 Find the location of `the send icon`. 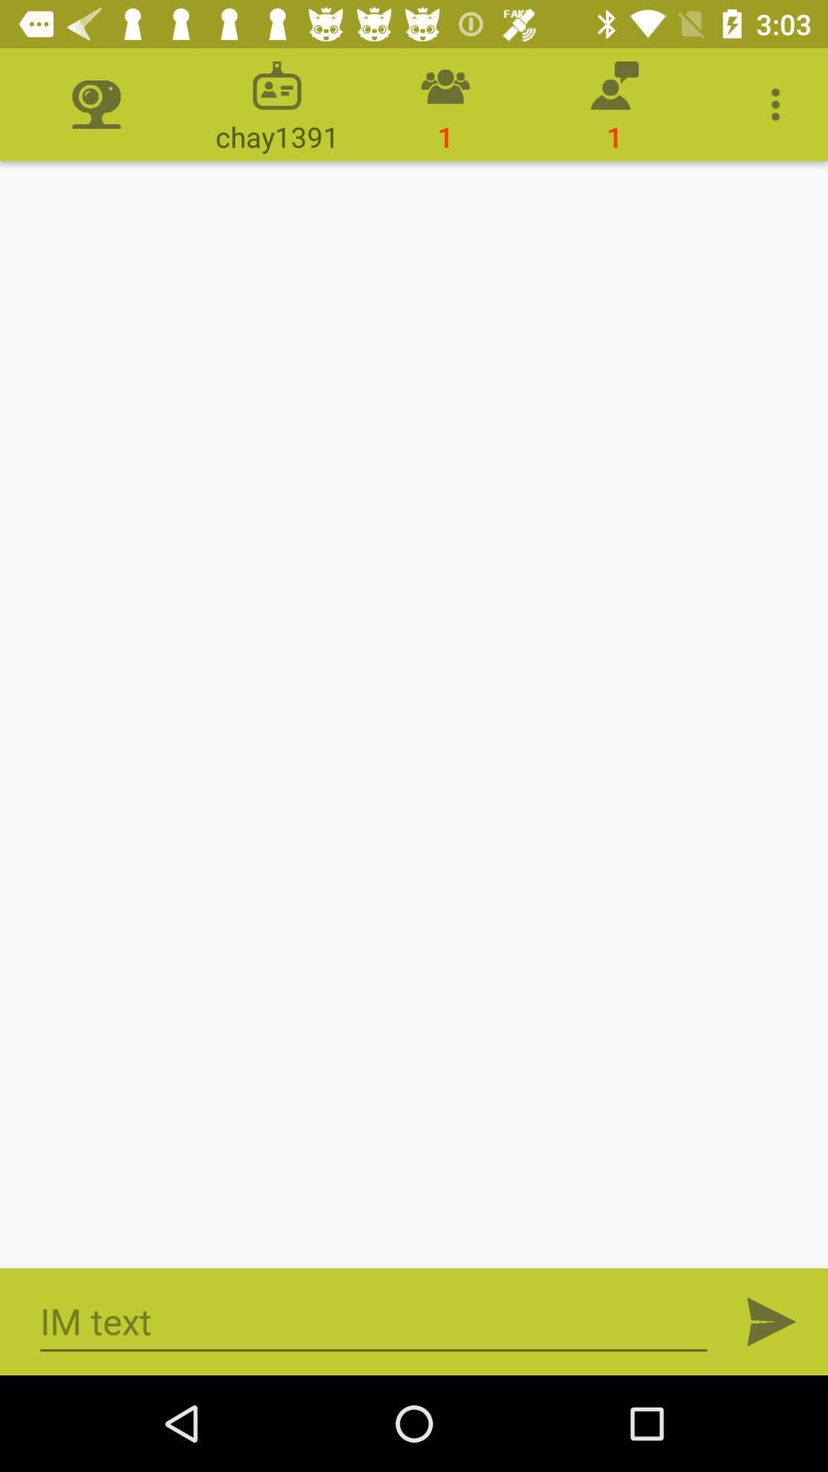

the send icon is located at coordinates (771, 1321).